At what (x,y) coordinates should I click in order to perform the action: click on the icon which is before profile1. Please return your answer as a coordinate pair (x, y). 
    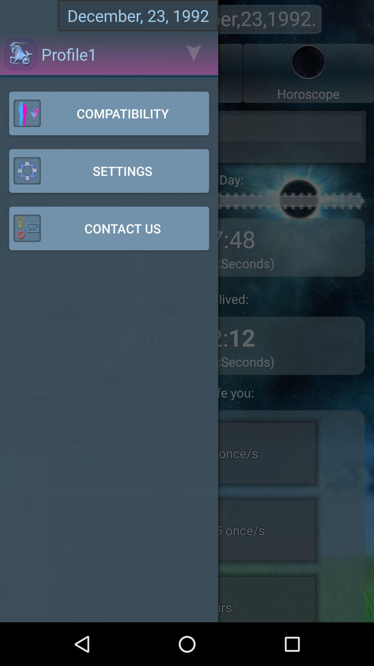
    Looking at the image, I should click on (20, 54).